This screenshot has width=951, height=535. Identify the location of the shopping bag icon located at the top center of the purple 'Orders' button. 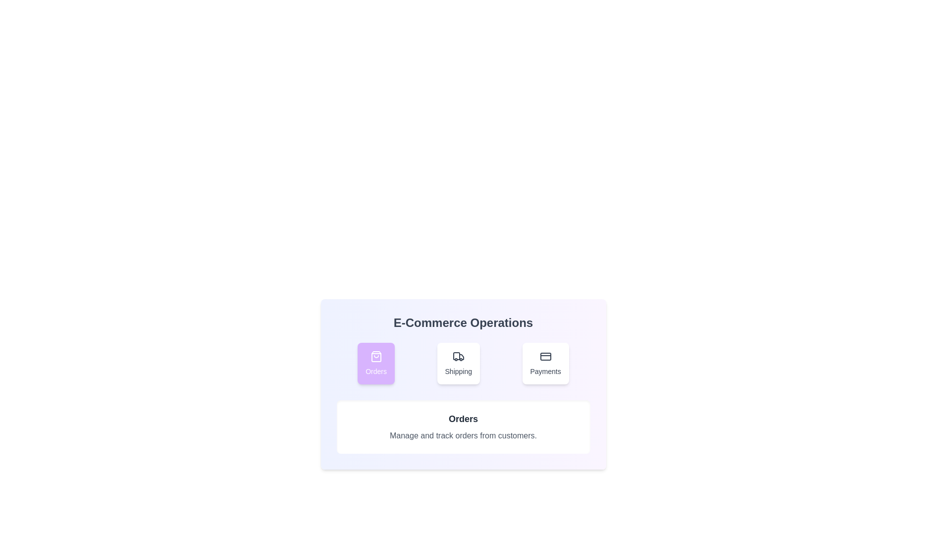
(375, 357).